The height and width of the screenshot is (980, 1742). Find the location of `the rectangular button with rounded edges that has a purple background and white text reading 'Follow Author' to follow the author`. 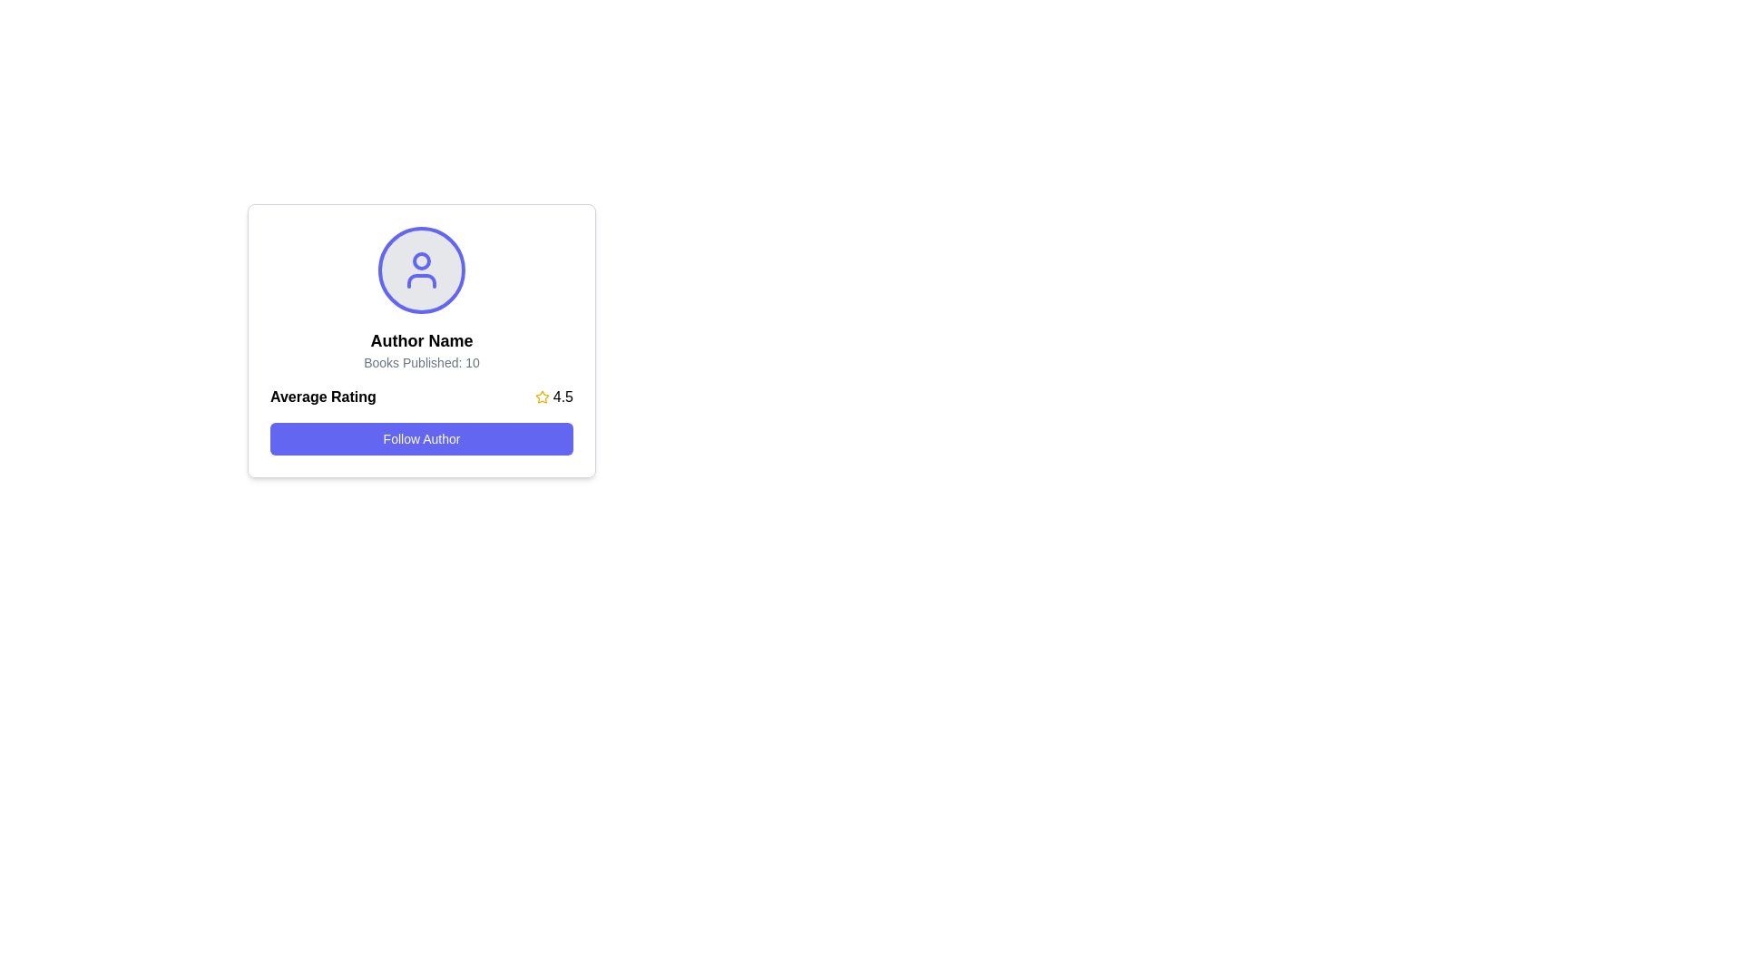

the rectangular button with rounded edges that has a purple background and white text reading 'Follow Author' to follow the author is located at coordinates (421, 438).